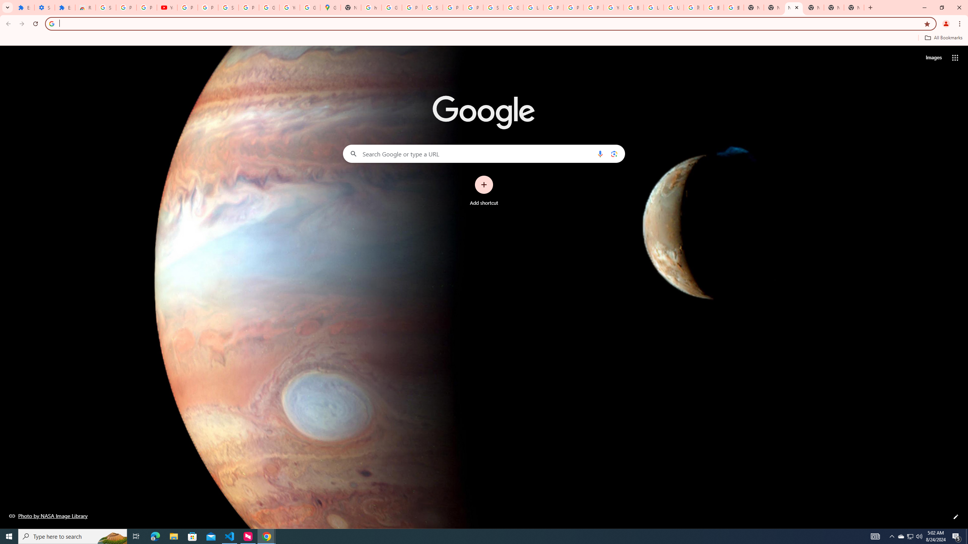 The height and width of the screenshot is (544, 968). Describe the element at coordinates (330, 7) in the screenshot. I see `'Google Maps'` at that location.